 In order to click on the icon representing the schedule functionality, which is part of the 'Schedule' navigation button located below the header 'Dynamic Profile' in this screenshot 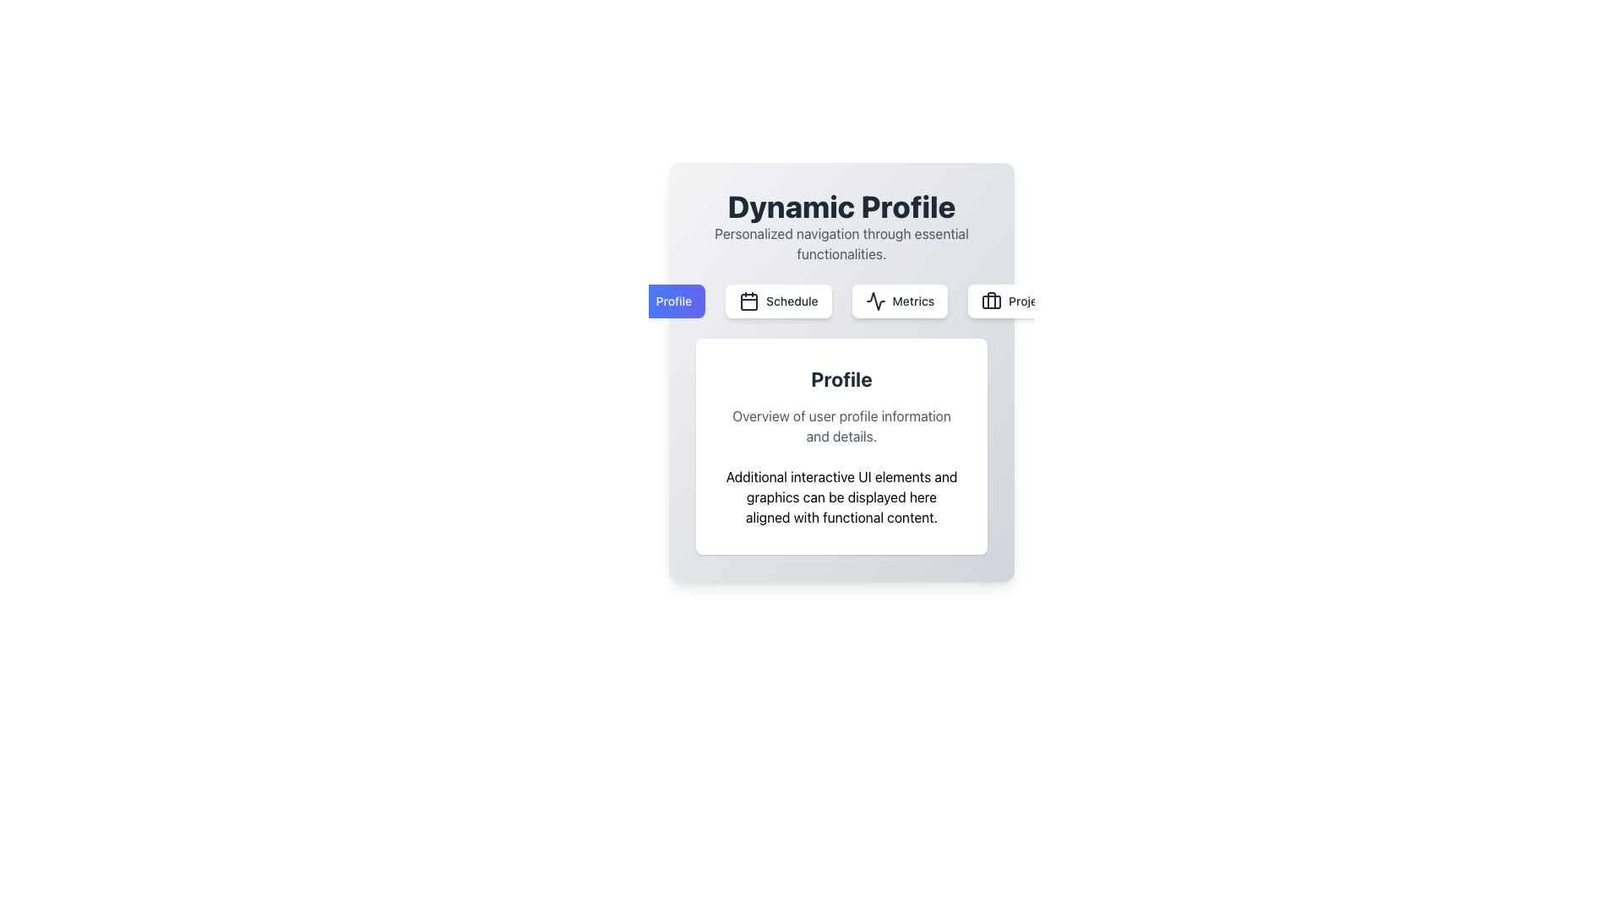, I will do `click(748, 301)`.